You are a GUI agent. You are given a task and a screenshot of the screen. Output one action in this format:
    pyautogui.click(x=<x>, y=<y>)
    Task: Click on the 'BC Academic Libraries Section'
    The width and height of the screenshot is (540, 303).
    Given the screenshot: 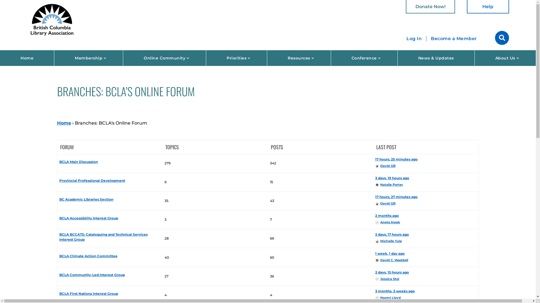 What is the action you would take?
    pyautogui.click(x=86, y=199)
    